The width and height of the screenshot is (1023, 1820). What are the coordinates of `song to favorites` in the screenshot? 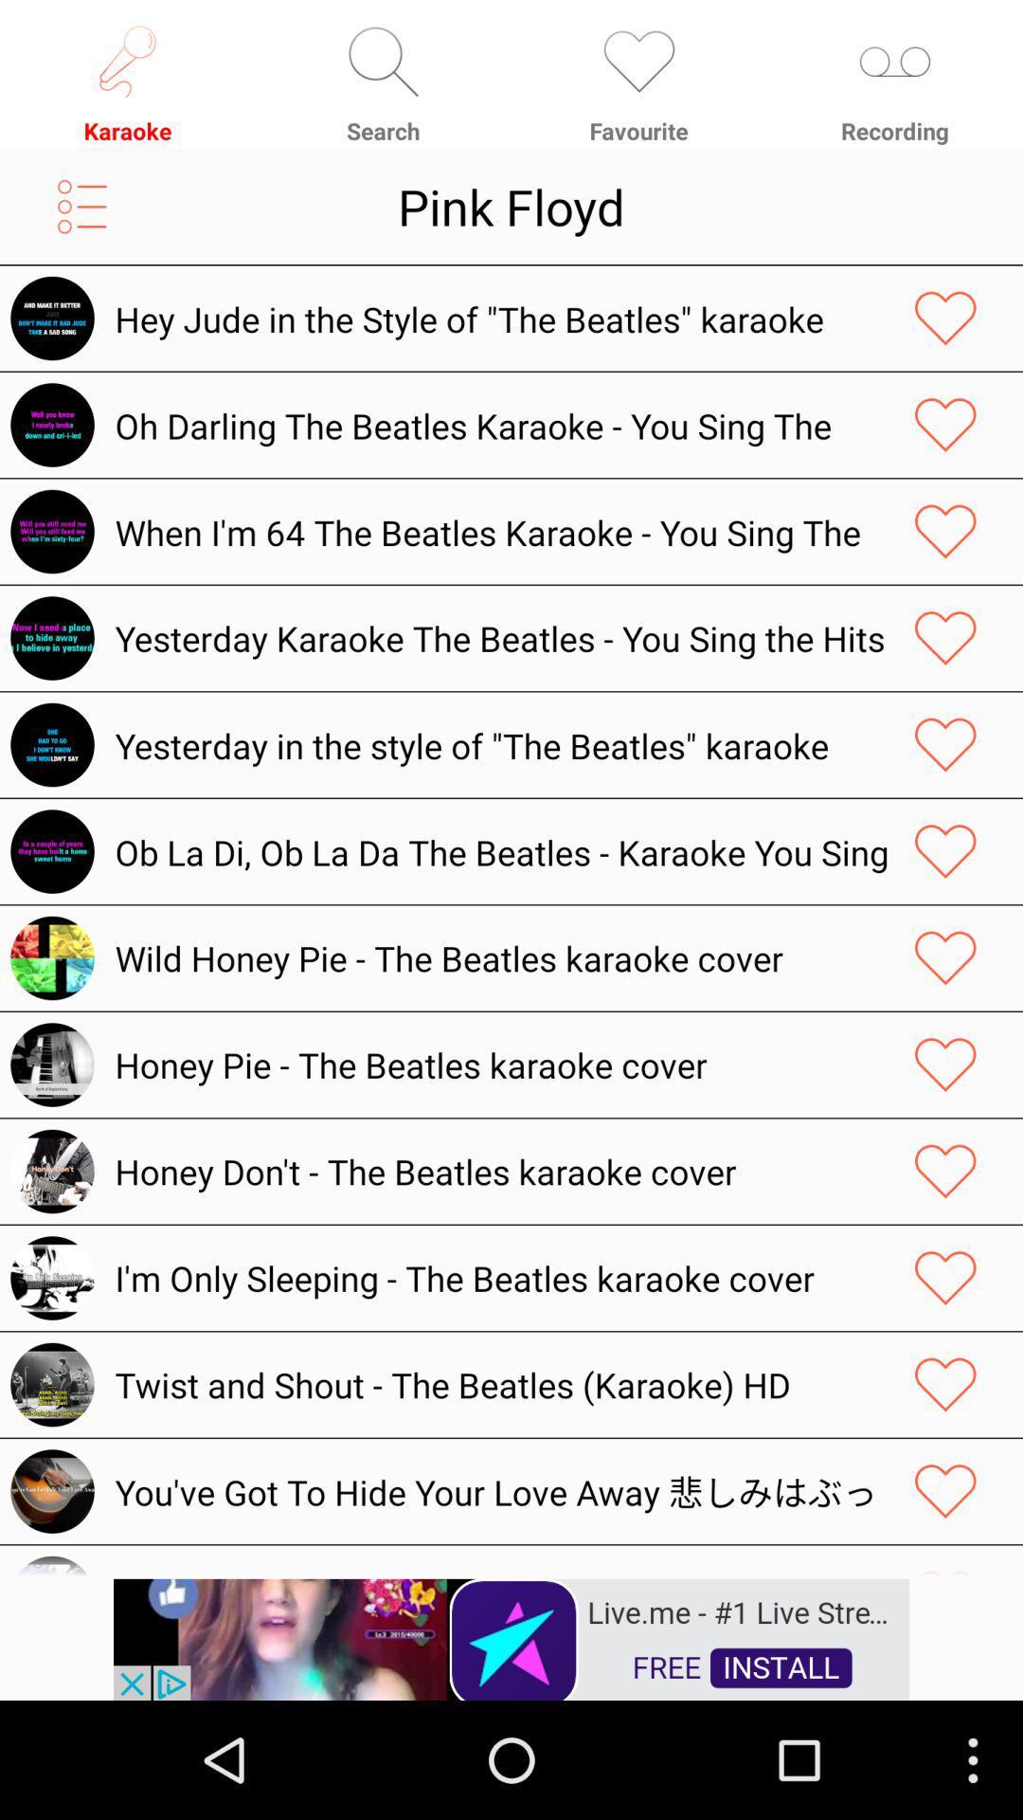 It's located at (945, 850).